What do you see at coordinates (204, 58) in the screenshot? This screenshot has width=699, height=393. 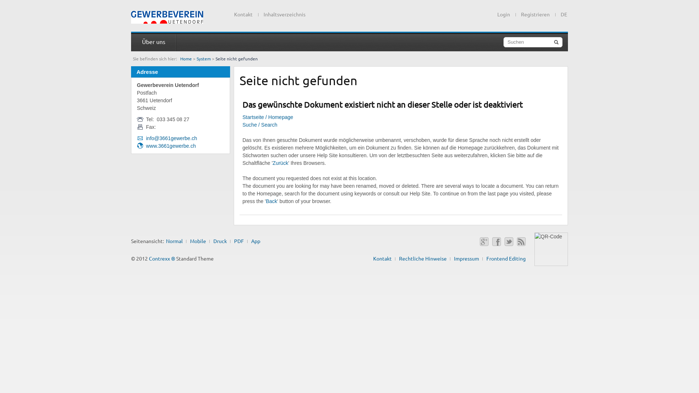 I see `'System'` at bounding box center [204, 58].